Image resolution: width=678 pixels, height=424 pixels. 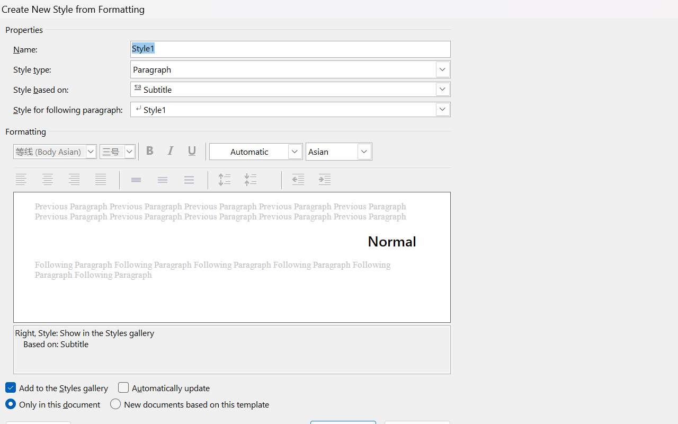 What do you see at coordinates (22, 180) in the screenshot?
I see `'Align Left'` at bounding box center [22, 180].